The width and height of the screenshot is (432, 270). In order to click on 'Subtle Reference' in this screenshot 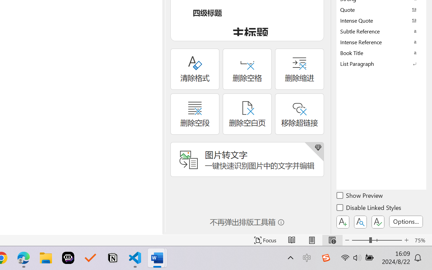, I will do `click(381, 31)`.